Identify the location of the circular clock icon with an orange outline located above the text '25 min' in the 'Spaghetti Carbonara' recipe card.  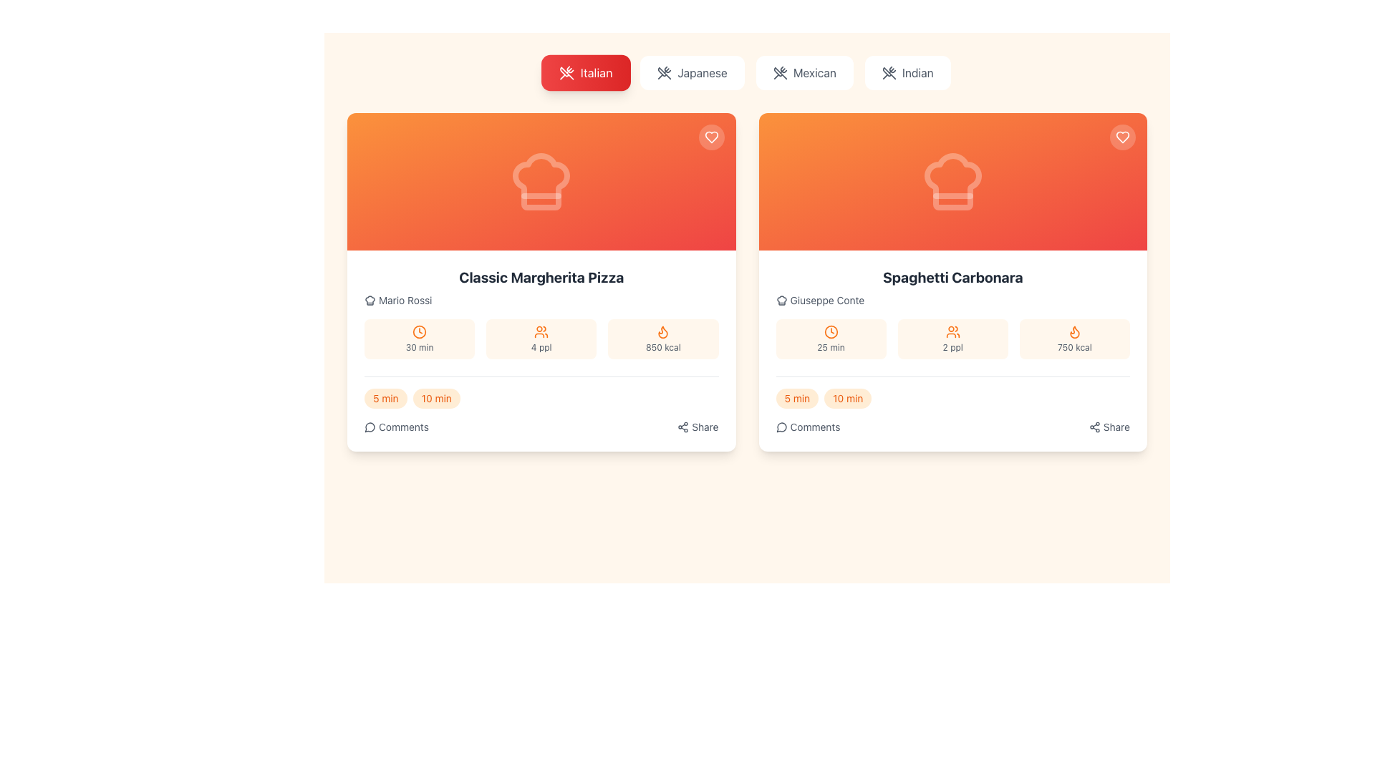
(831, 331).